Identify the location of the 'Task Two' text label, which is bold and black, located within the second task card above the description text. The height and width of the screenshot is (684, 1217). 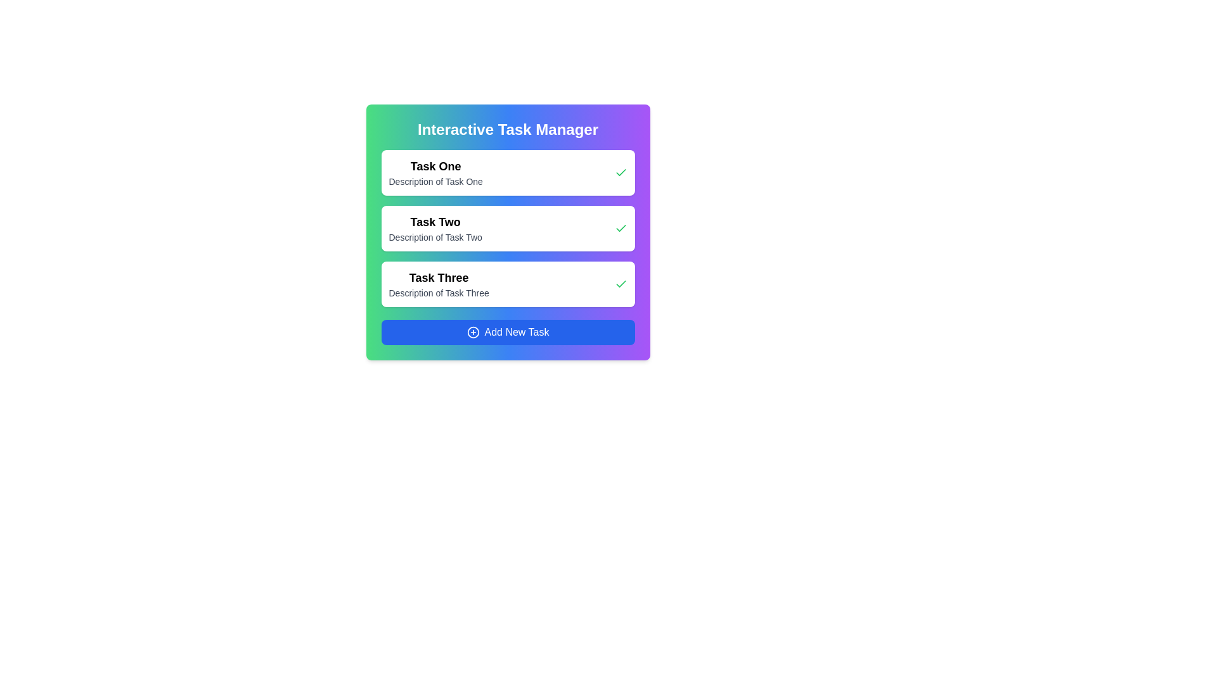
(435, 222).